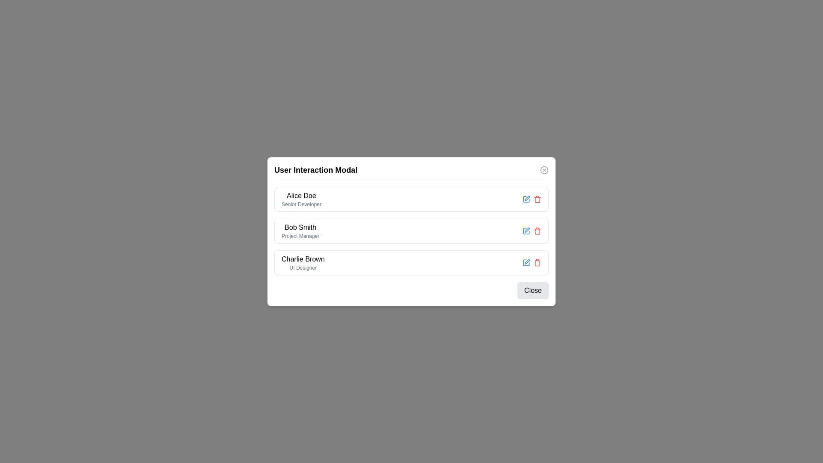 This screenshot has height=463, width=823. I want to click on the static text label displaying 'UI Designer', which is positioned beneath the name 'Charlie Brown' in the user card layout, so click(303, 267).